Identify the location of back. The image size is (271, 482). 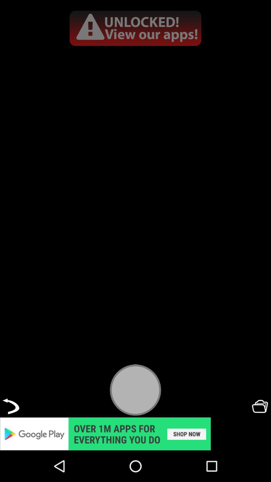
(11, 406).